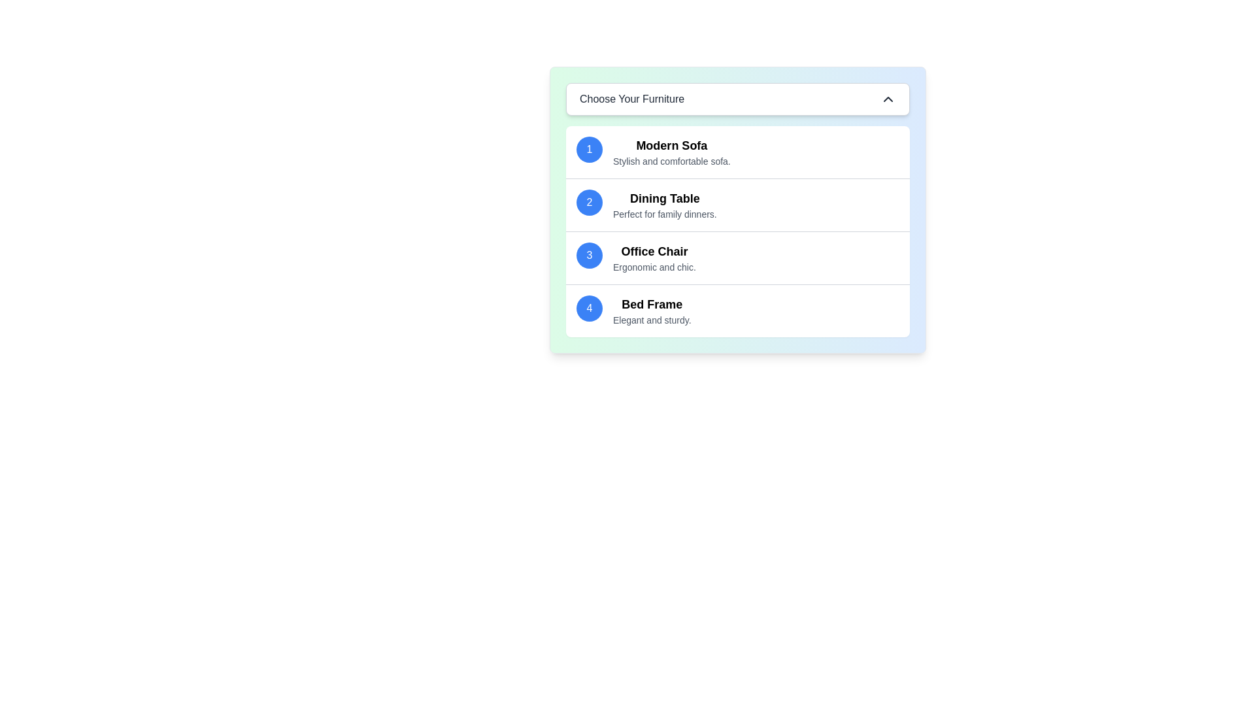 This screenshot has height=706, width=1255. Describe the element at coordinates (737, 151) in the screenshot. I see `the first list item element displaying 'Modern Sofa' with a blue circular badge marked '1' for further interaction` at that location.